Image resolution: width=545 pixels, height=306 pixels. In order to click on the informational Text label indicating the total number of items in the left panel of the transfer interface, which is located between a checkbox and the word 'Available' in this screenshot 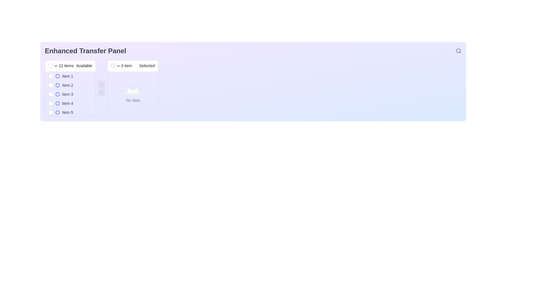, I will do `click(66, 65)`.